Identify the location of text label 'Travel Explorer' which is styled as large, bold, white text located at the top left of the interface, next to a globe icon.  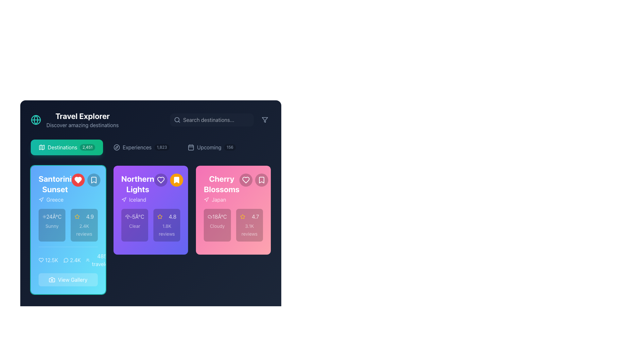
(82, 115).